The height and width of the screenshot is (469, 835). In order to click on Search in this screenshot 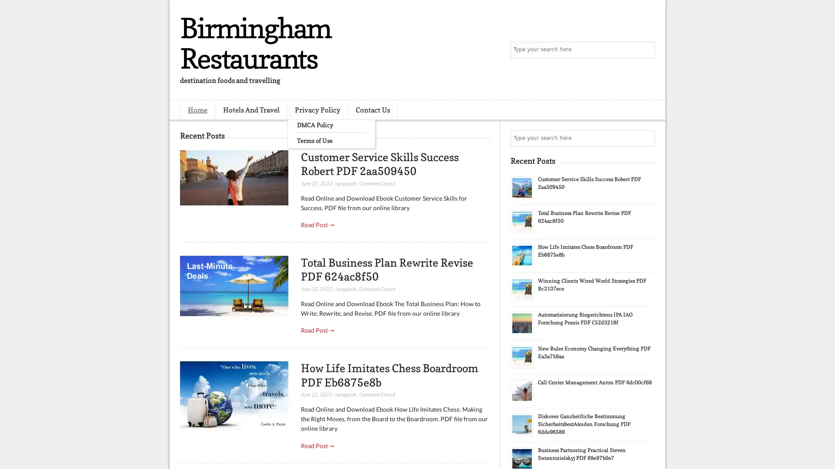, I will do `click(646, 50)`.